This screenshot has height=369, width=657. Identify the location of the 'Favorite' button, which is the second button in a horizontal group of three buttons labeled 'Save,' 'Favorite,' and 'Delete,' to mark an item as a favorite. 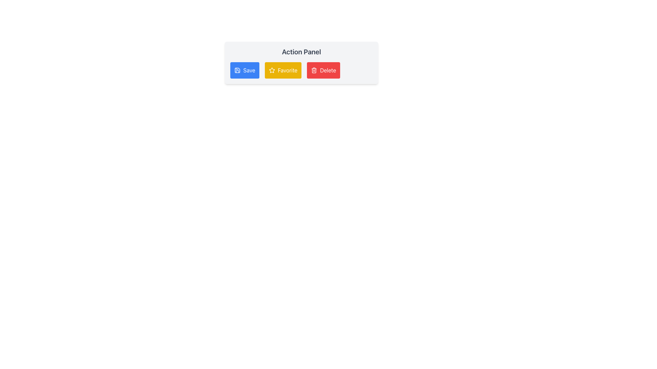
(283, 70).